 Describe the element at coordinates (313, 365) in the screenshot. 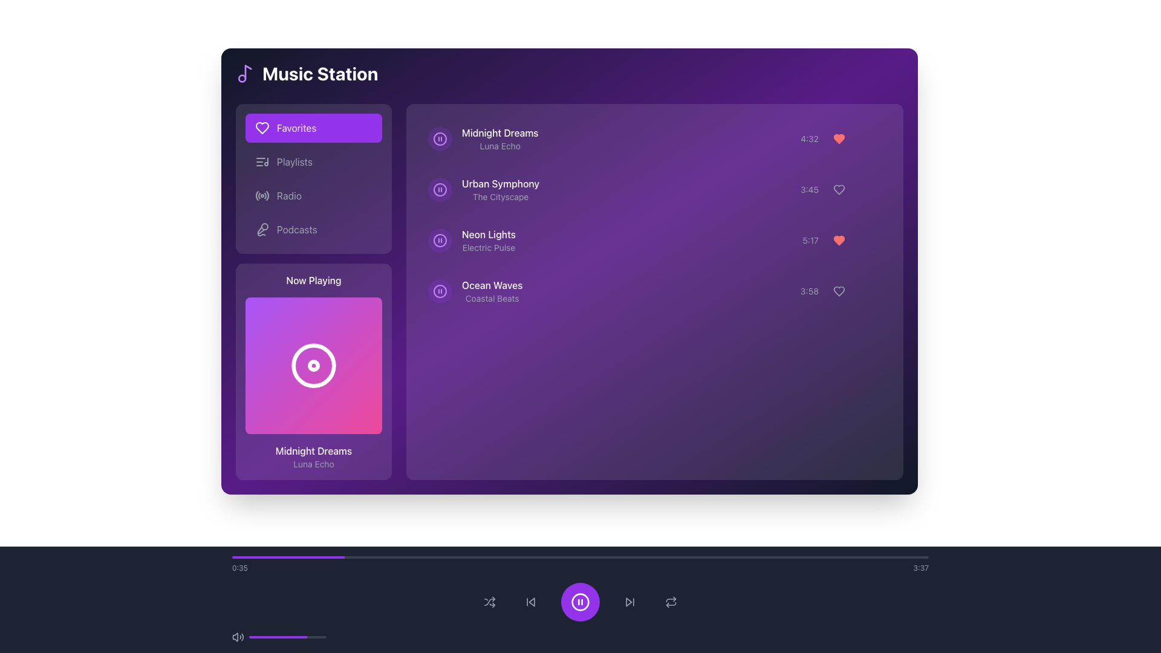

I see `the disc icon representing the currently playing track, which is centrally located above the text label 'Midnight Dreams' within the 'Now Playing' card` at that location.